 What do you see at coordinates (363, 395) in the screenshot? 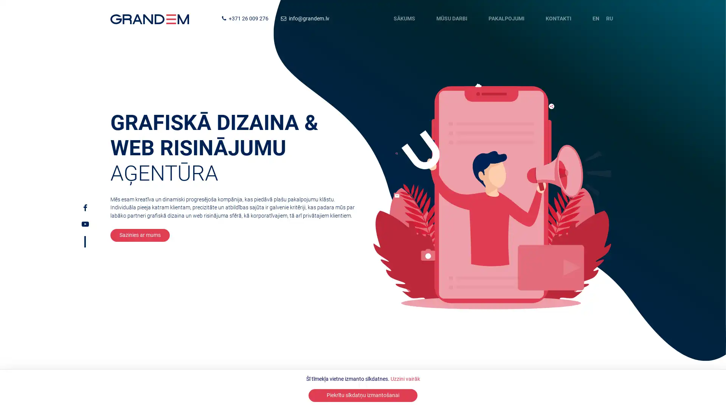
I see `Piekritu sikdatnu izmantosanai` at bounding box center [363, 395].